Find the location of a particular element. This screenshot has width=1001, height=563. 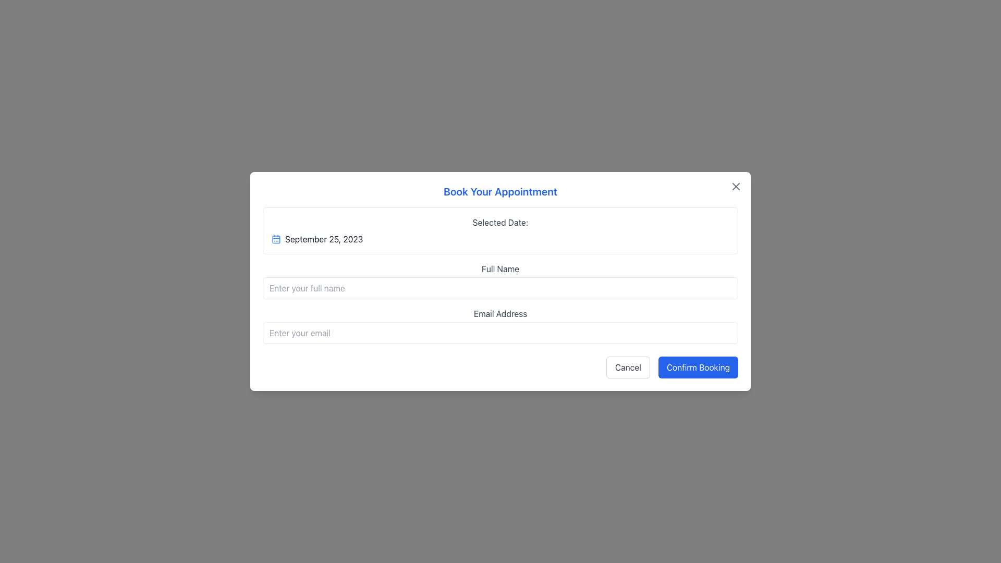

date value displayed in the text label showing 'September 25, 2023', located in the 'Book Your Appointment' dialog beside the blue calendar icon is located at coordinates (323, 239).